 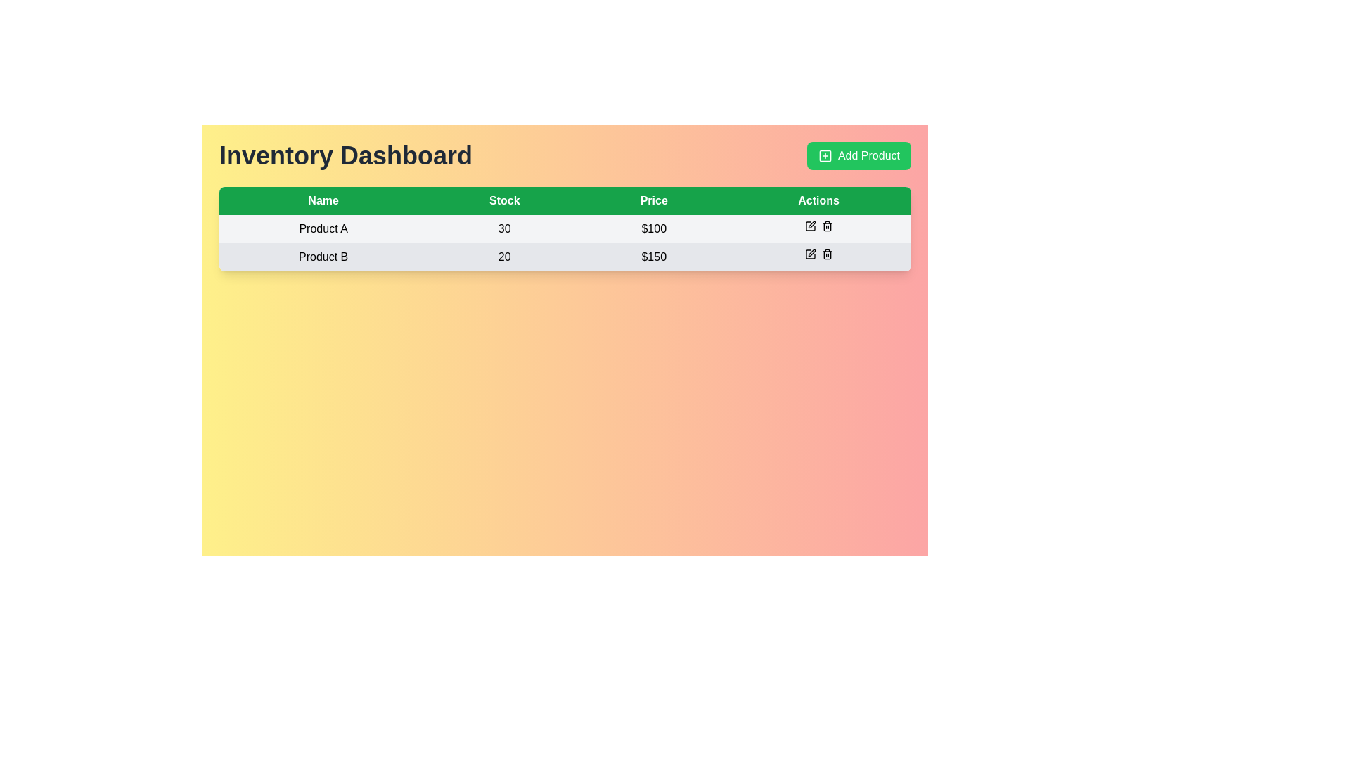 I want to click on the static text element that serves as the header for the inventory dashboard, located adjacent to the 'Add Product' button, so click(x=346, y=156).